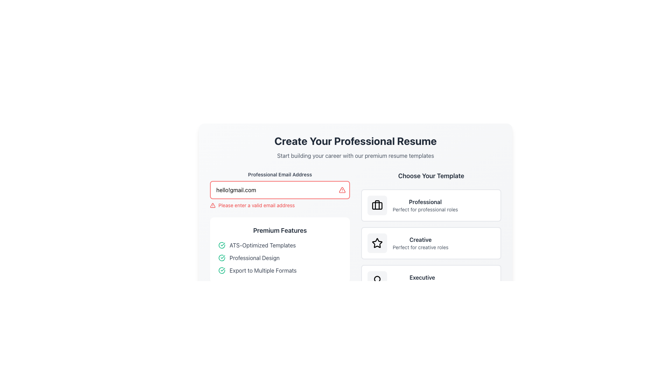 This screenshot has height=378, width=672. I want to click on the decorative vector graphic circle that enhances the visual styling of the 'Executive' button in the 'Choose Your Template' section, so click(377, 279).